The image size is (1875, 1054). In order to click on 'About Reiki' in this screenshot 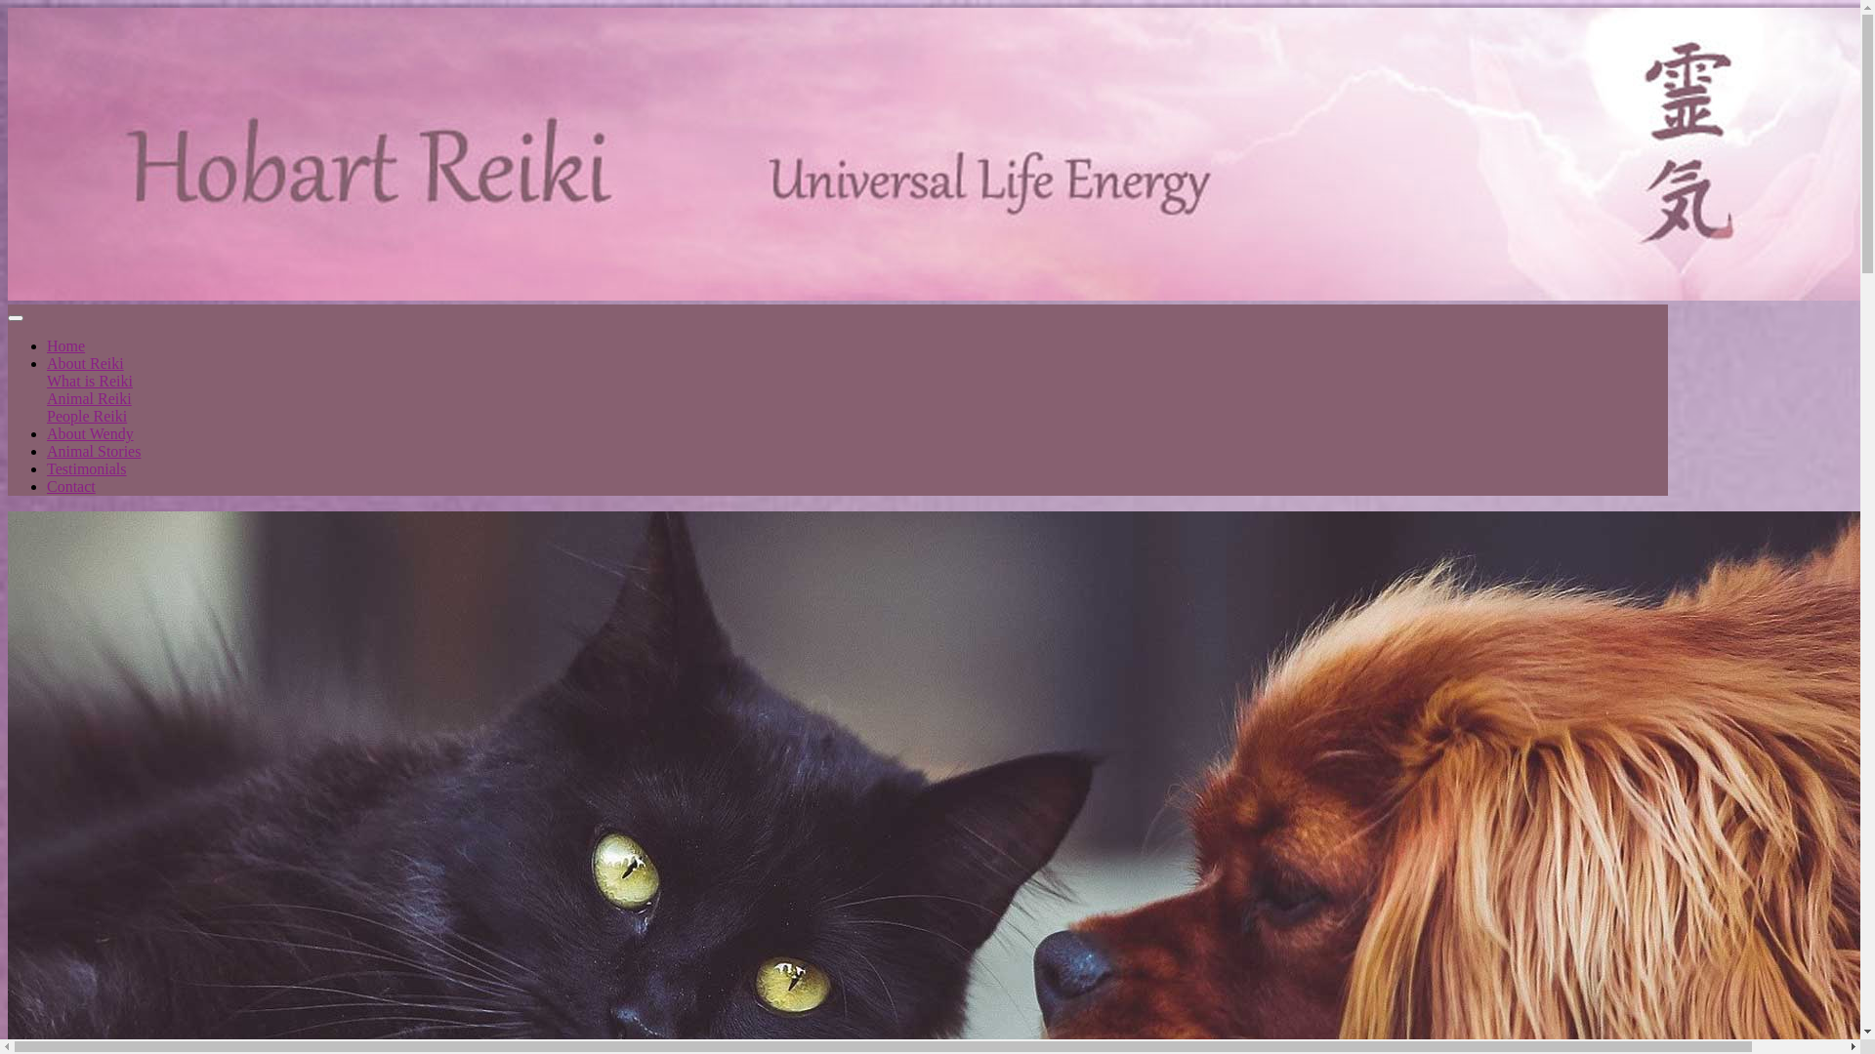, I will do `click(47, 363)`.